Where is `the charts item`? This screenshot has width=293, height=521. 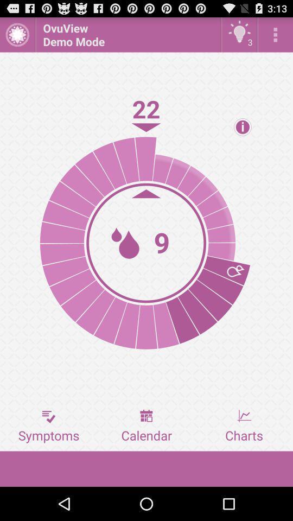 the charts item is located at coordinates (244, 426).